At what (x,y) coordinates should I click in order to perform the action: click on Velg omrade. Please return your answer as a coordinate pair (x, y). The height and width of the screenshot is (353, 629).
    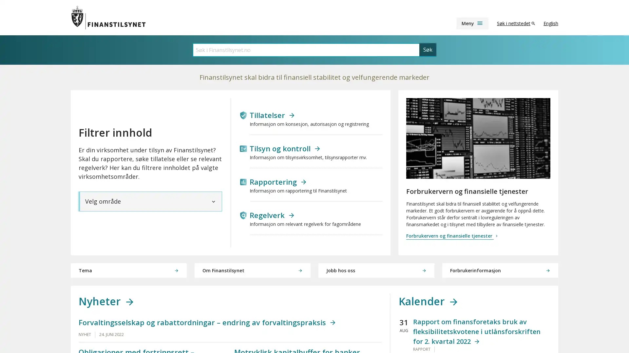
    Looking at the image, I should click on (150, 201).